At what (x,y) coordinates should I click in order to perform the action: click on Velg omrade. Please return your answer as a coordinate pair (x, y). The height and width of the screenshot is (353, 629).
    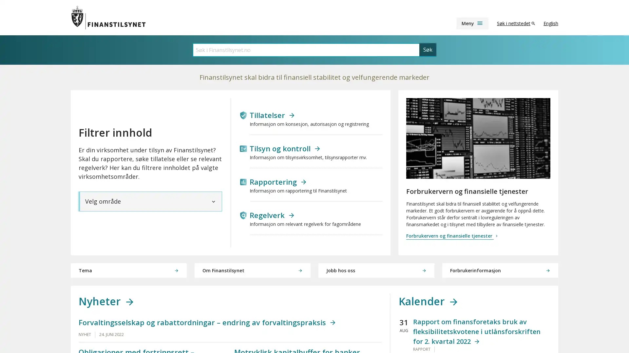
    Looking at the image, I should click on (150, 201).